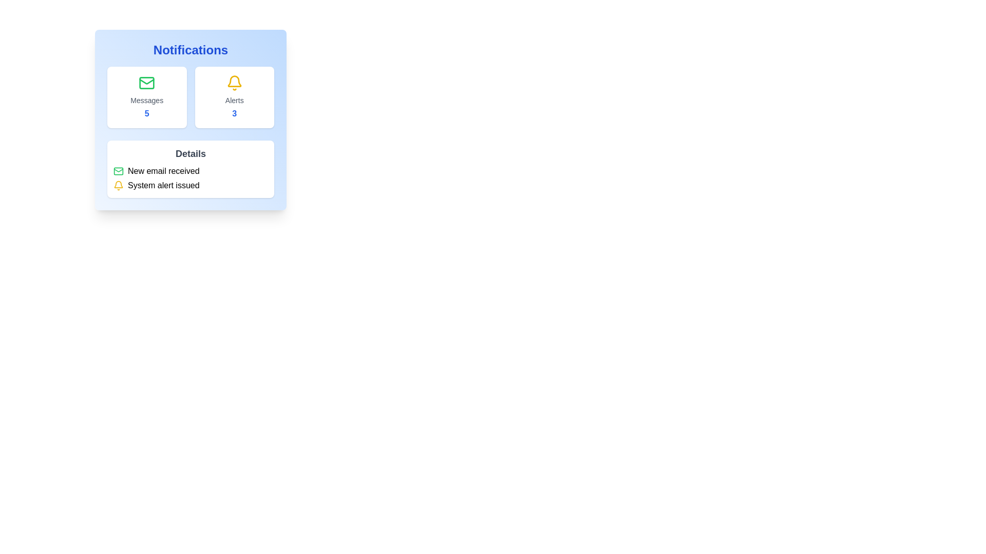  I want to click on the 'Messages' label in the Notifications section, which is styled with a smaller font size and light gray color, located below a green email icon and above the number '5', so click(146, 101).